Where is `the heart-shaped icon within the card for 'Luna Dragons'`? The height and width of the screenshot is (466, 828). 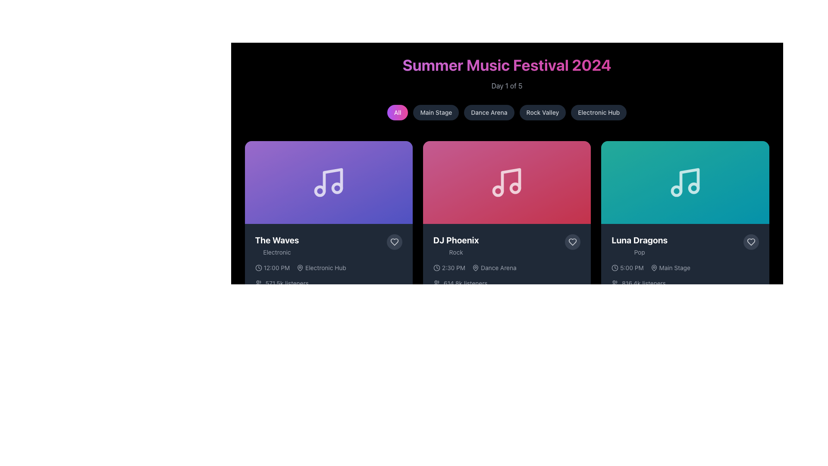 the heart-shaped icon within the card for 'Luna Dragons' is located at coordinates (750, 242).